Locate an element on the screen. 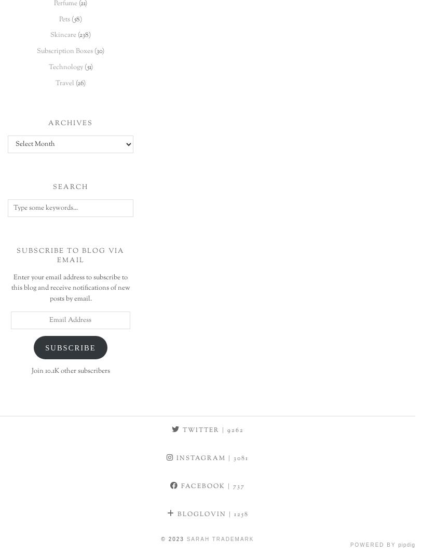  'pipdig' is located at coordinates (398, 544).